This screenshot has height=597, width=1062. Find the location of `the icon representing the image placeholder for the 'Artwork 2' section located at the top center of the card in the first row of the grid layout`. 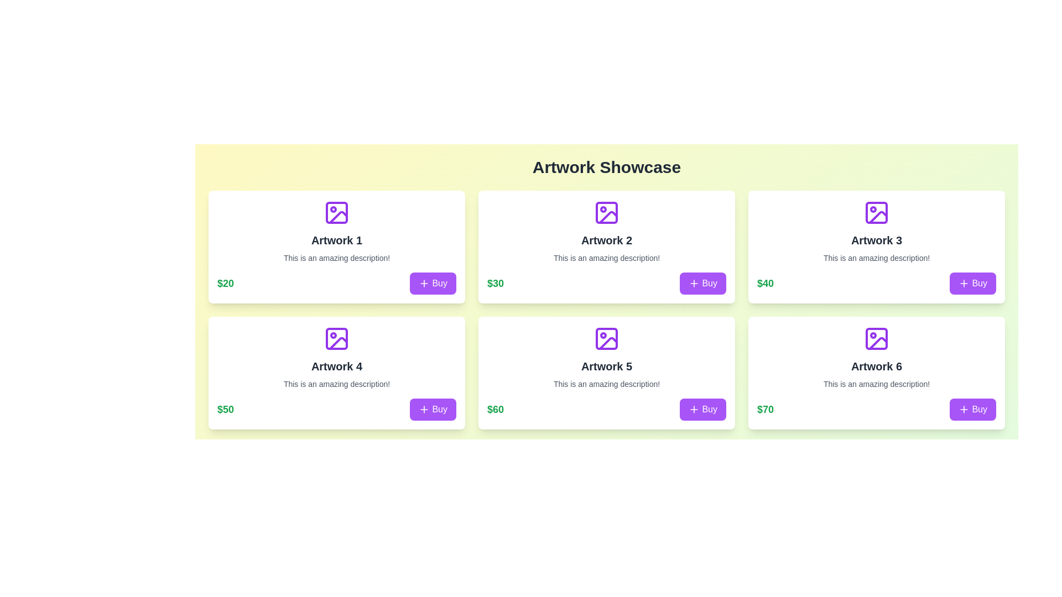

the icon representing the image placeholder for the 'Artwork 2' section located at the top center of the card in the first row of the grid layout is located at coordinates (606, 213).